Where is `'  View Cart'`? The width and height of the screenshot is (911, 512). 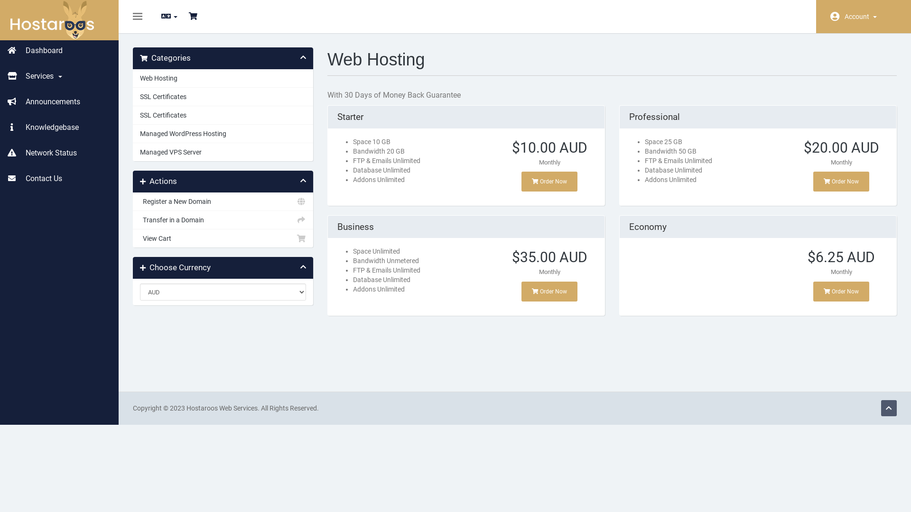 '  View Cart' is located at coordinates (223, 238).